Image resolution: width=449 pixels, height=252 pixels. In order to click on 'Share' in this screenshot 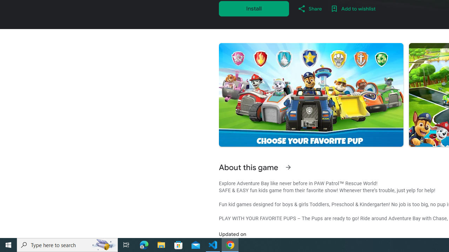, I will do `click(309, 8)`.